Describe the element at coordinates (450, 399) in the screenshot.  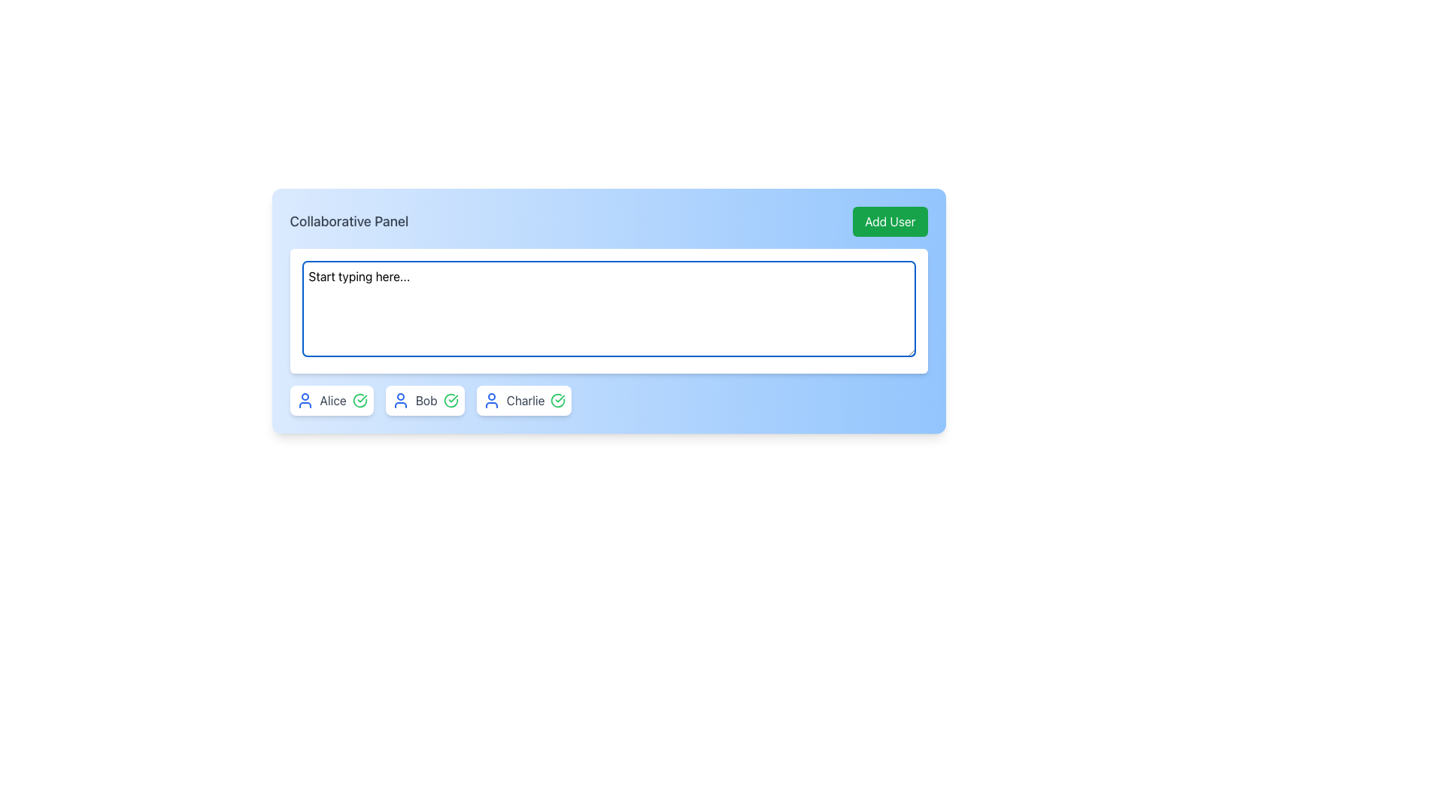
I see `the green circular icon with a checkmark inside, which signifies completion or approval, located next to Bob's name in the user card layout` at that location.